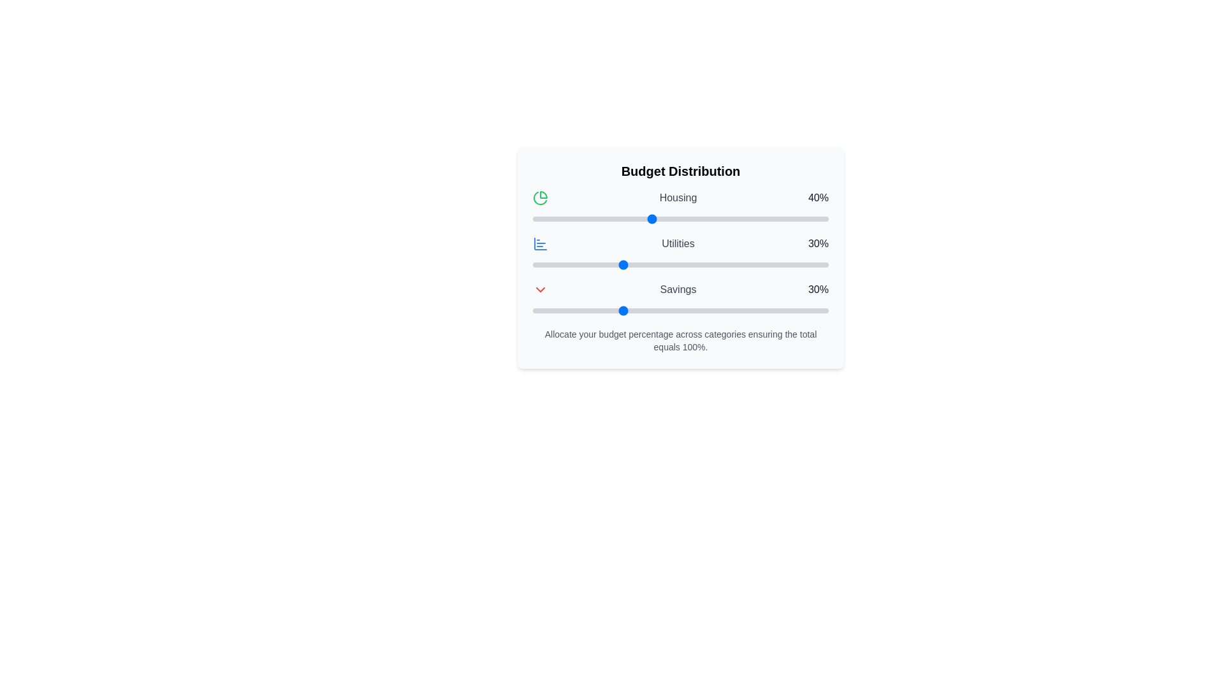  What do you see at coordinates (579, 264) in the screenshot?
I see `the slider value` at bounding box center [579, 264].